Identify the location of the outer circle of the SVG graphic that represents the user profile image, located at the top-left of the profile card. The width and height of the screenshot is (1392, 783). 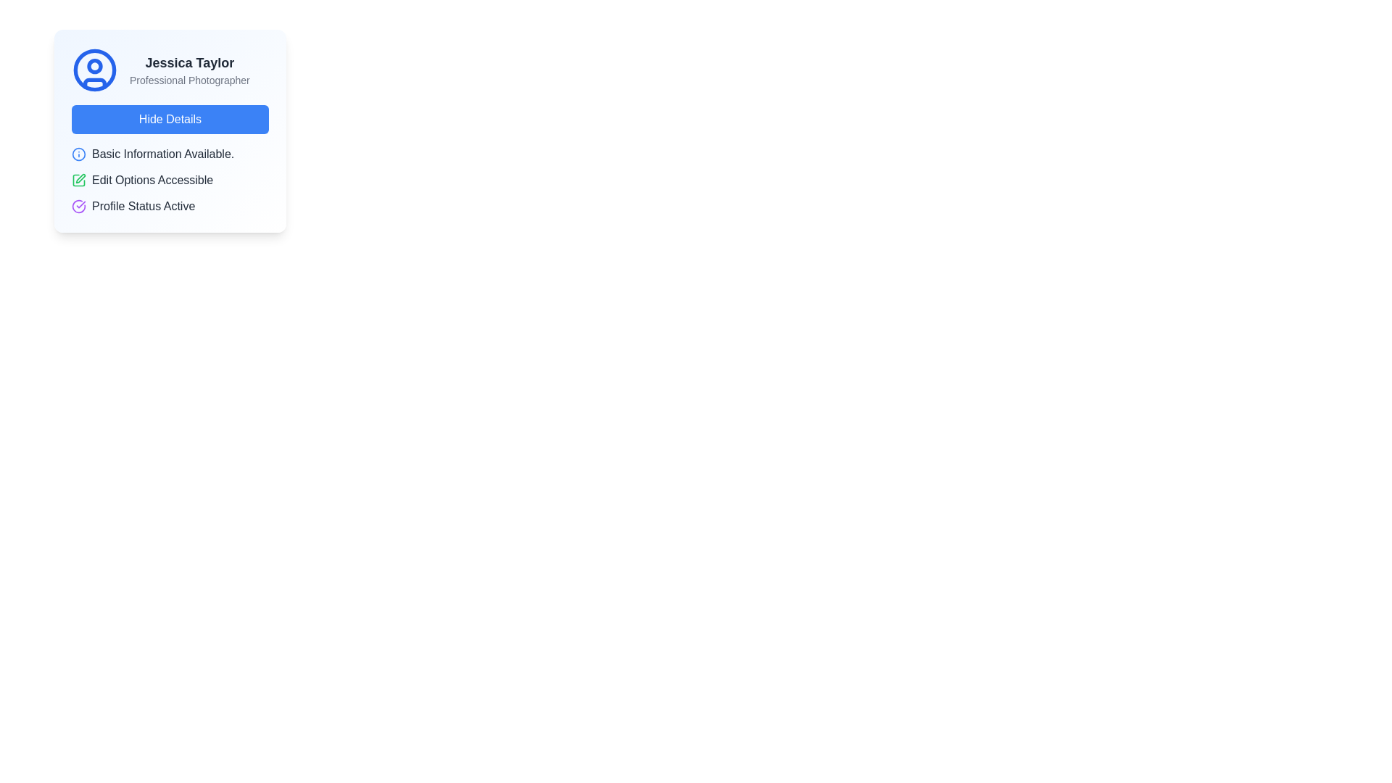
(94, 70).